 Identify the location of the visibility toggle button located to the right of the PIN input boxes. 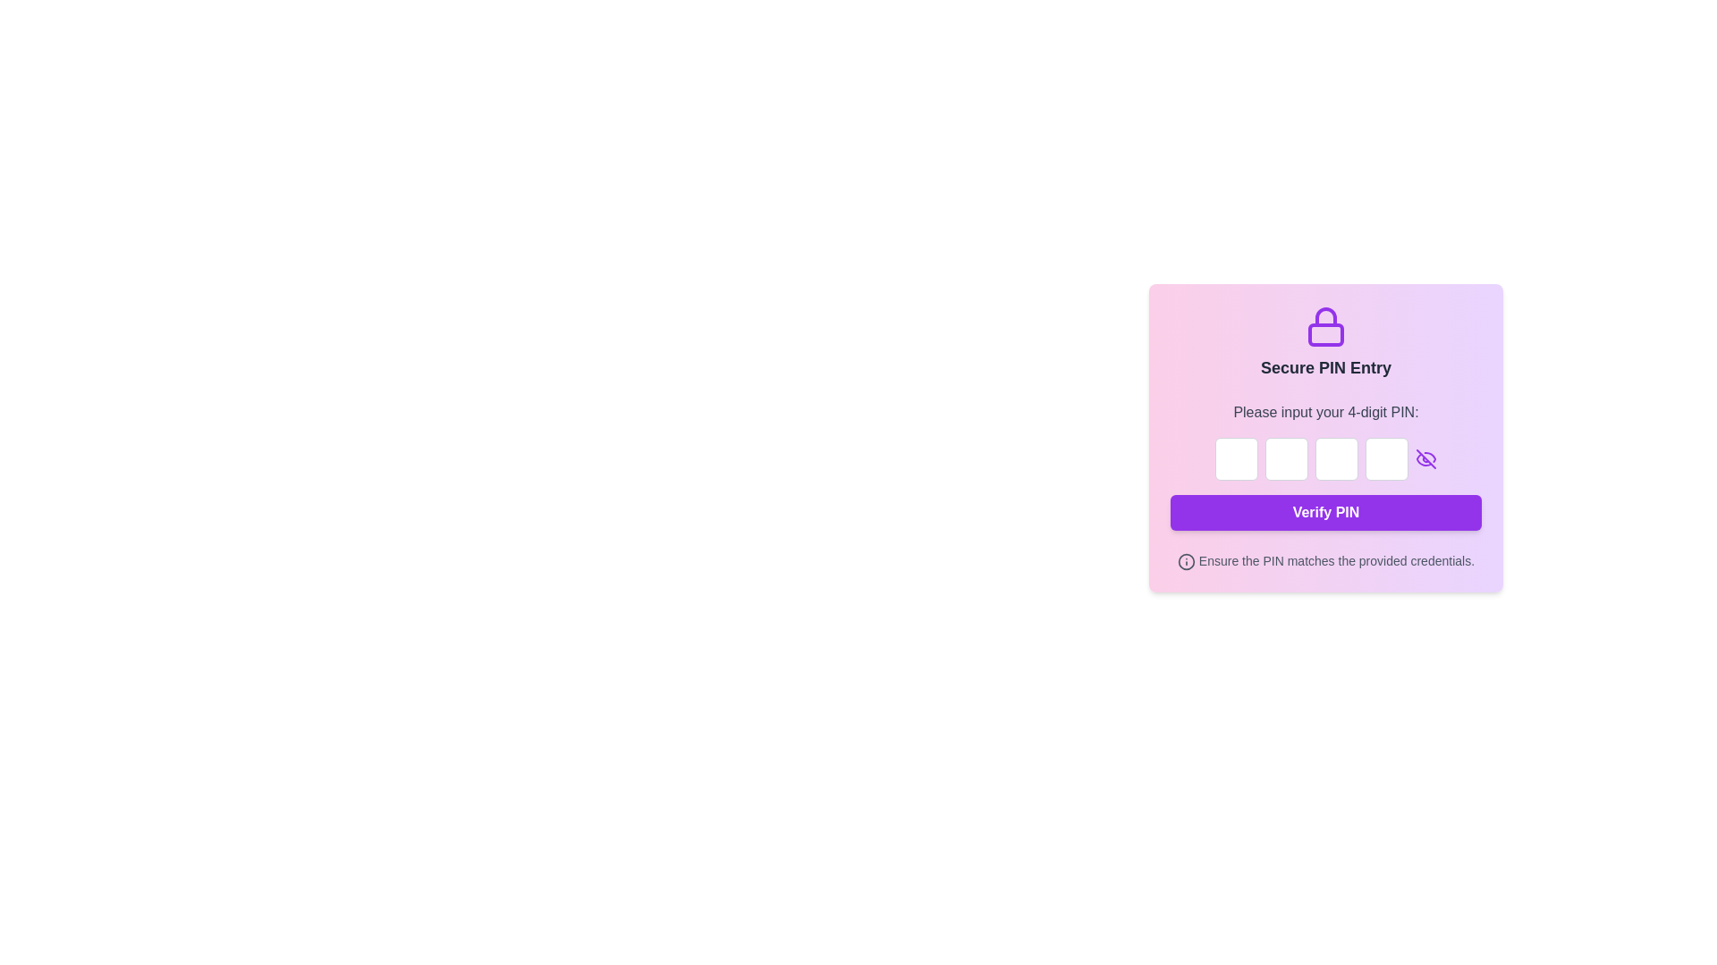
(1425, 457).